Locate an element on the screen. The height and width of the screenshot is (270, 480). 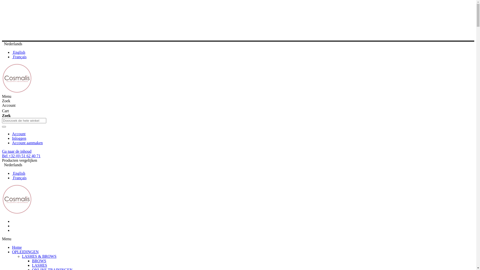
' English' is located at coordinates (18, 173).